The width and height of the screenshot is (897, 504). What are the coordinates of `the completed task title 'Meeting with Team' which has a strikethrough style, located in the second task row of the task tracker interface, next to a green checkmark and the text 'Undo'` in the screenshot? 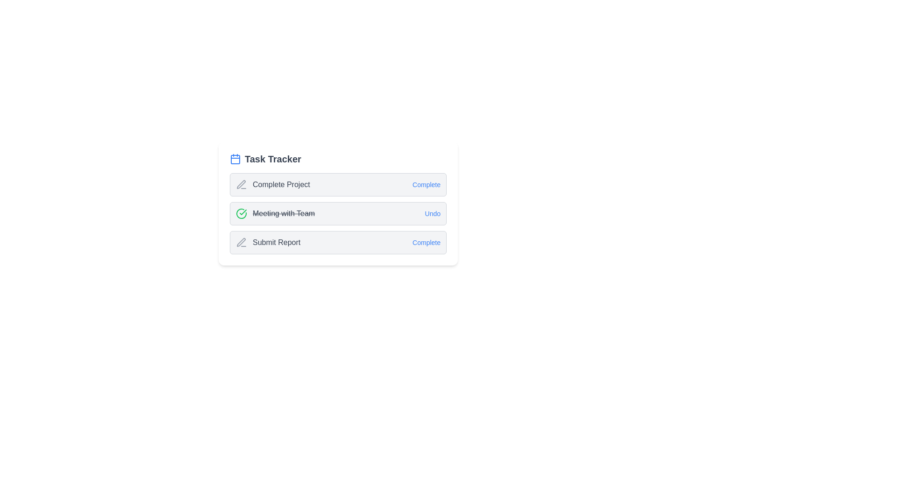 It's located at (283, 214).